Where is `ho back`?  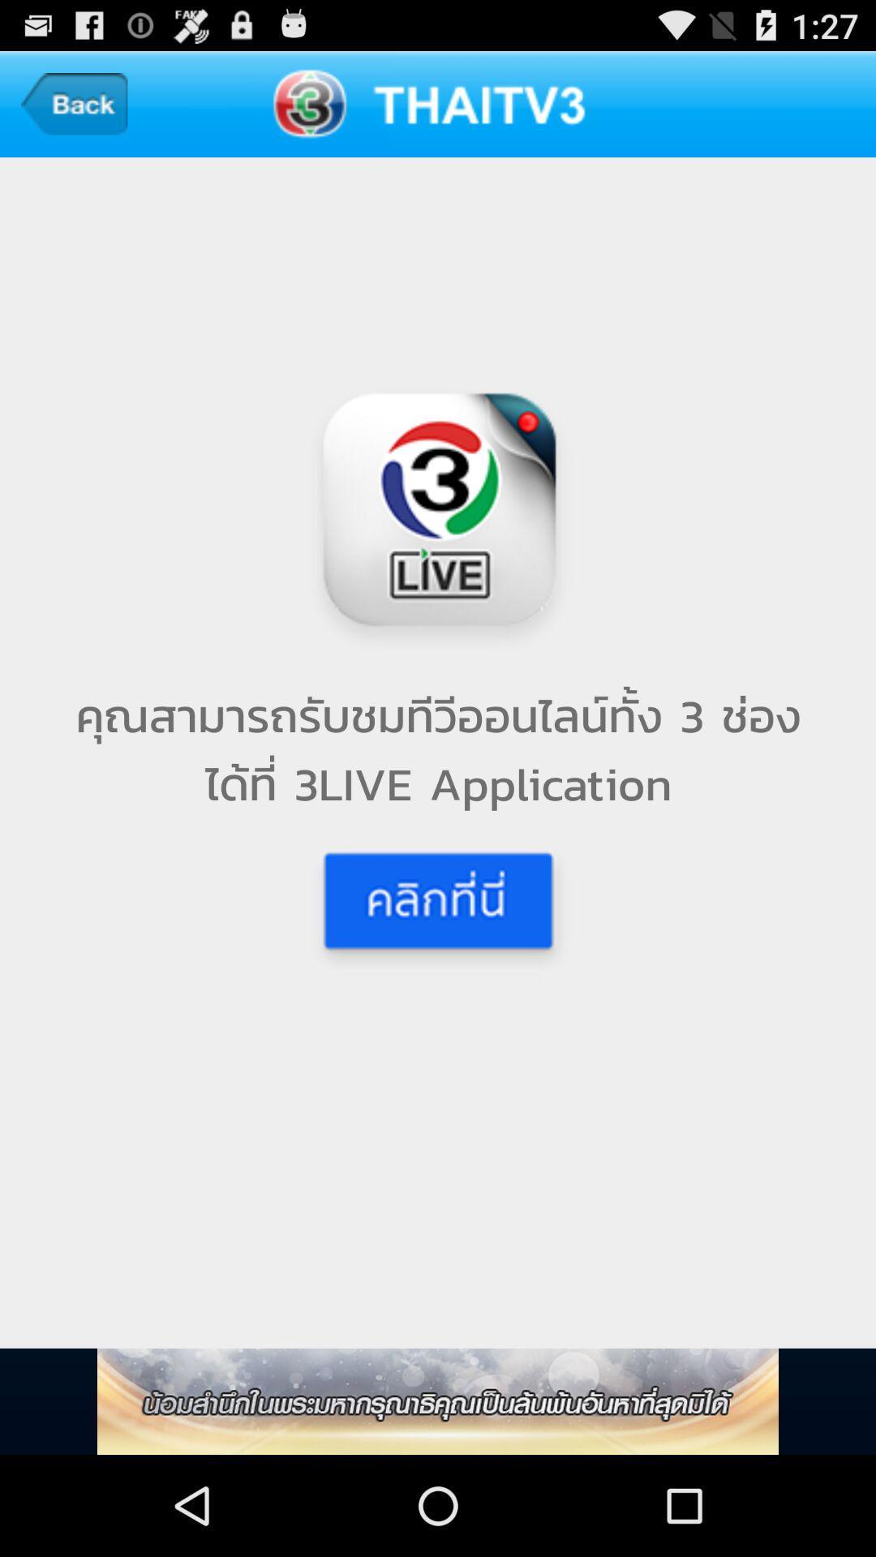 ho back is located at coordinates (74, 103).